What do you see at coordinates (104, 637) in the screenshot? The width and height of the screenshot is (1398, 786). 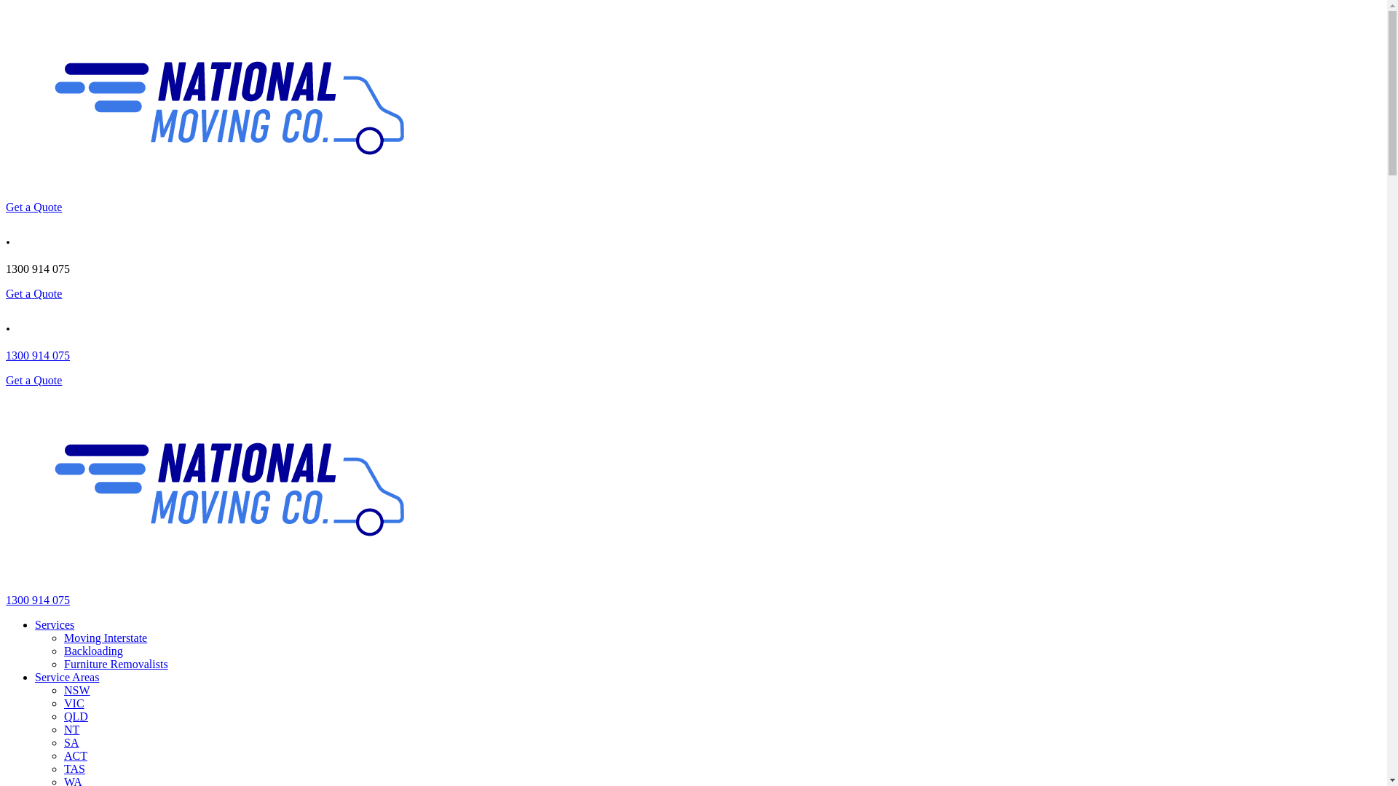 I see `'Moving Interstate'` at bounding box center [104, 637].